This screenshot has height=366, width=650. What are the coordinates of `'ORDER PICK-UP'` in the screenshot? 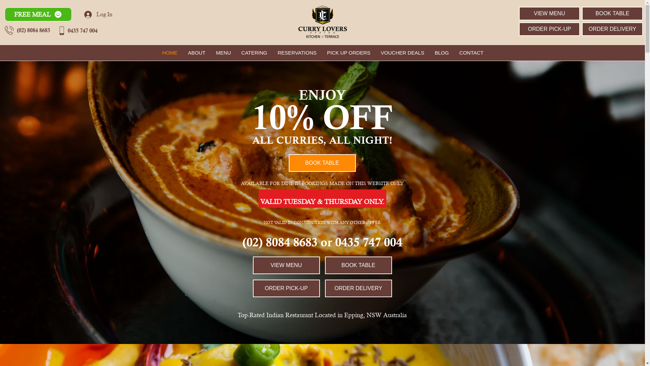 It's located at (549, 28).